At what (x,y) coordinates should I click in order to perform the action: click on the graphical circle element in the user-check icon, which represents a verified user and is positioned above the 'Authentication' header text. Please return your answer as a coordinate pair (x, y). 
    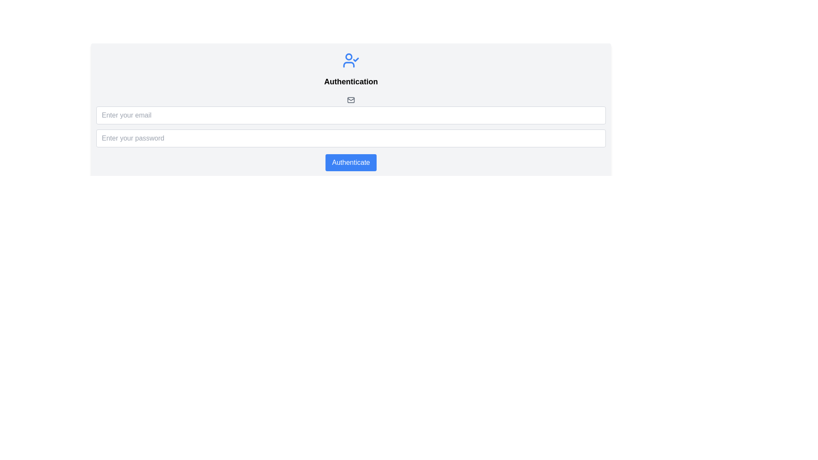
    Looking at the image, I should click on (349, 56).